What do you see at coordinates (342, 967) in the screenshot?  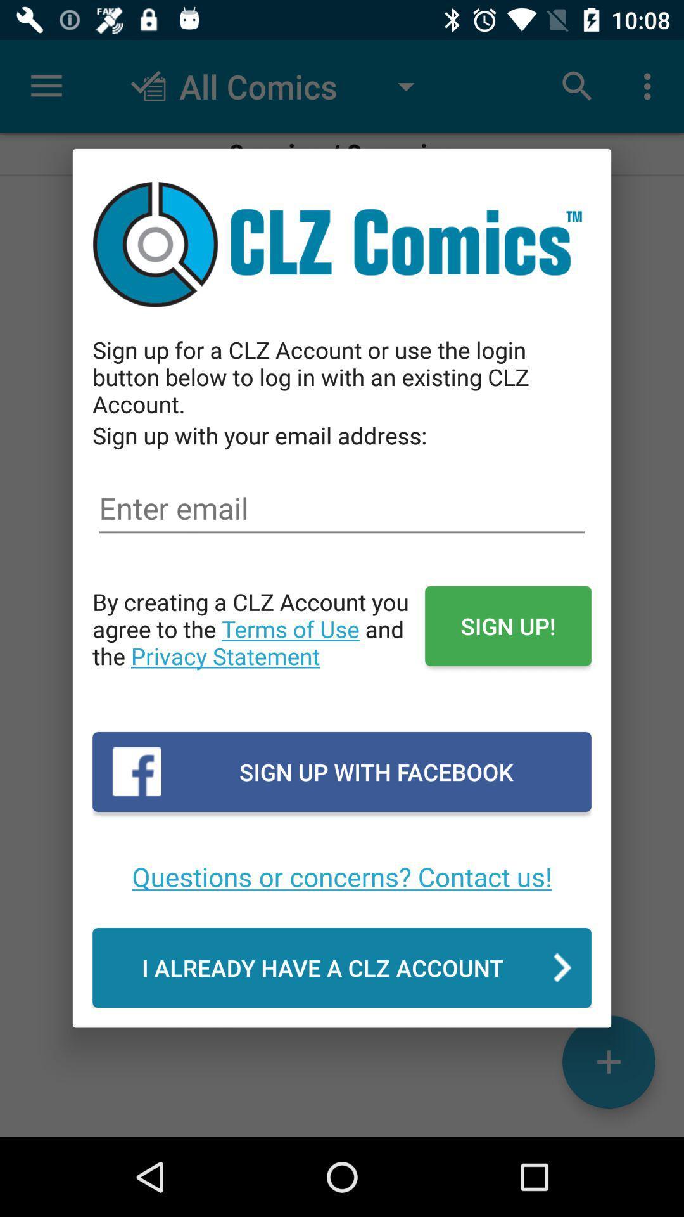 I see `icon below questions or concerns` at bounding box center [342, 967].